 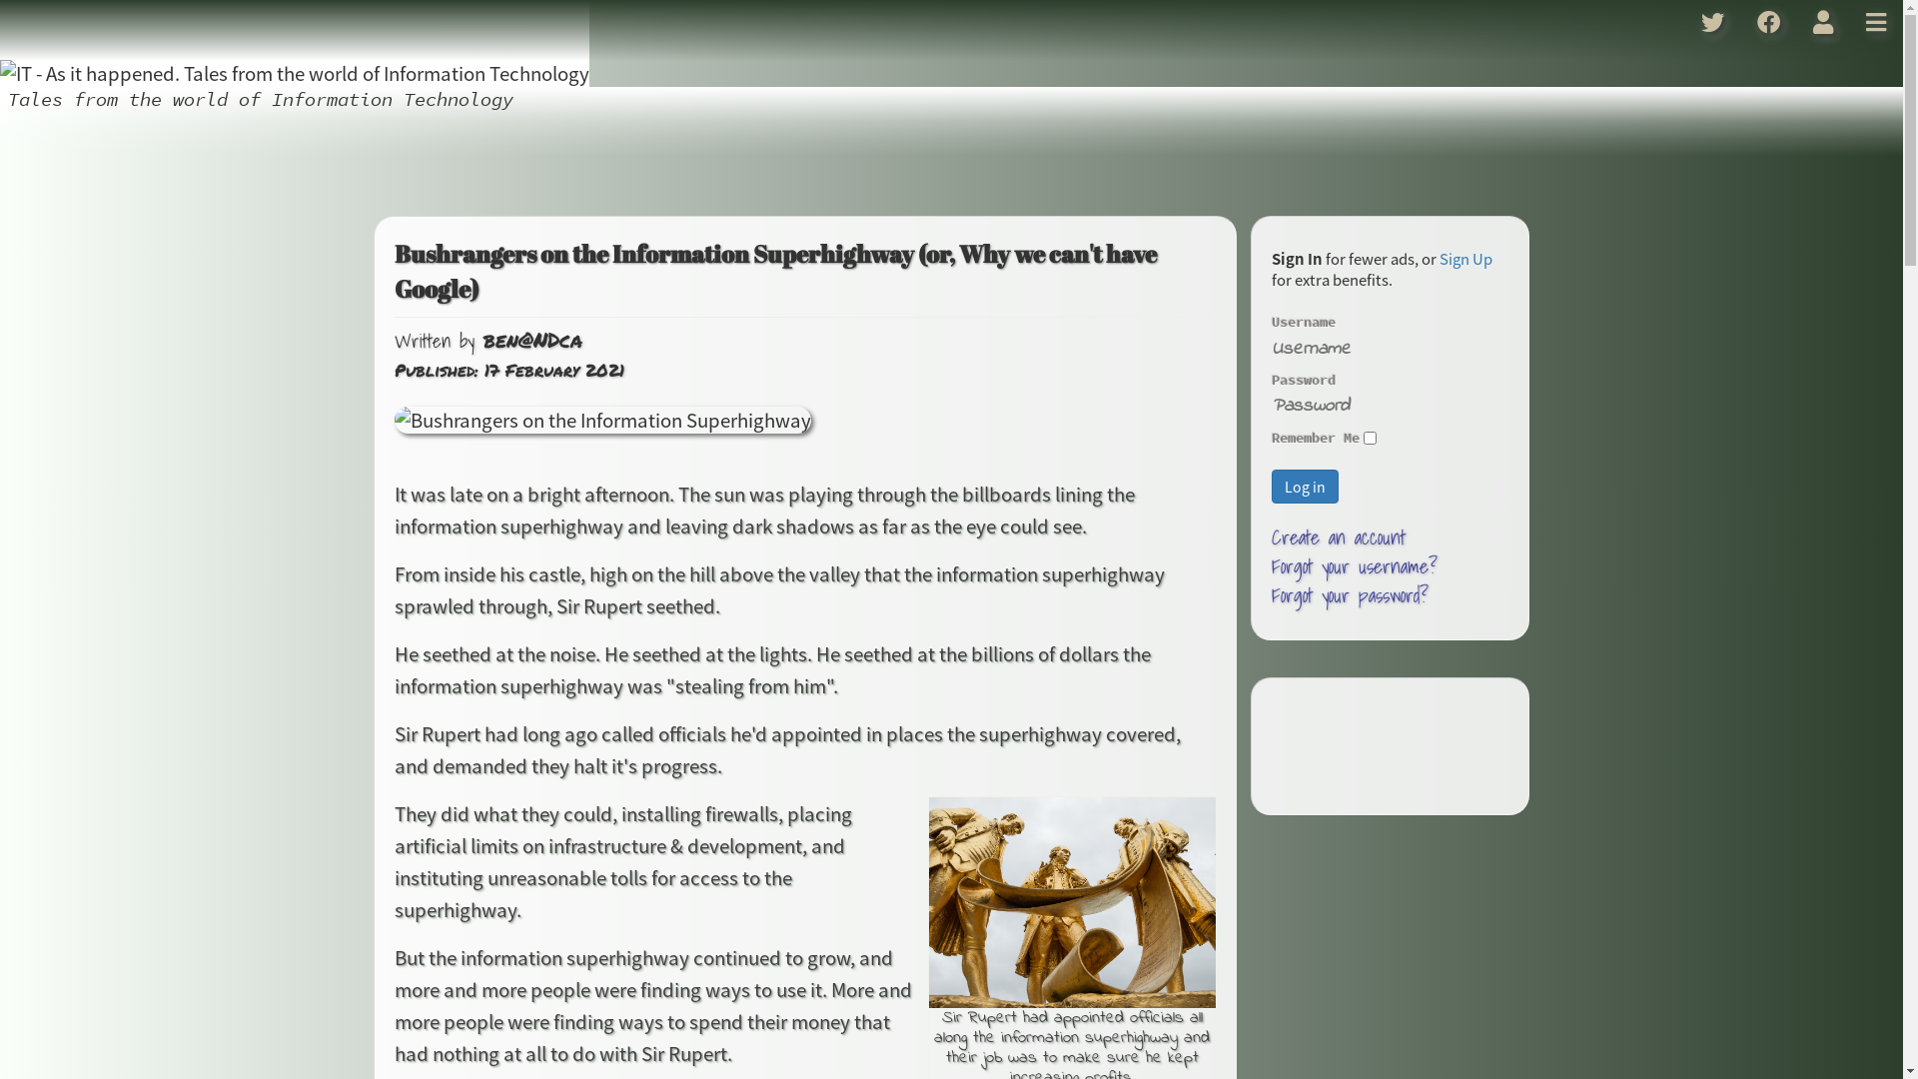 What do you see at coordinates (1769, 22) in the screenshot?
I see `'Join us on Facebook'` at bounding box center [1769, 22].